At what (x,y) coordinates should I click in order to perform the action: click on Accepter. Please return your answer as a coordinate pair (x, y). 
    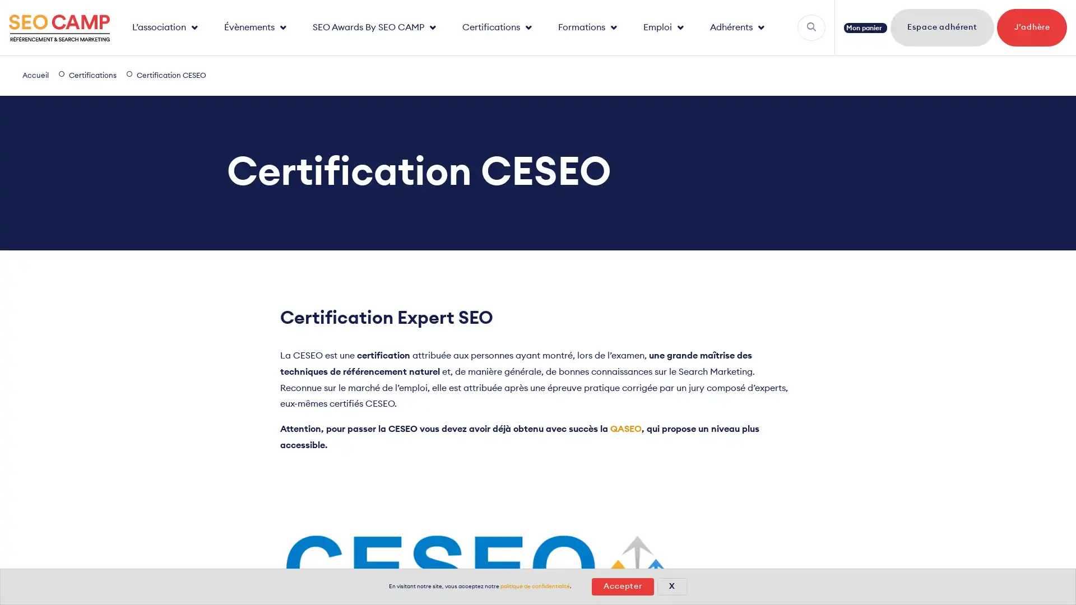
    Looking at the image, I should click on (622, 586).